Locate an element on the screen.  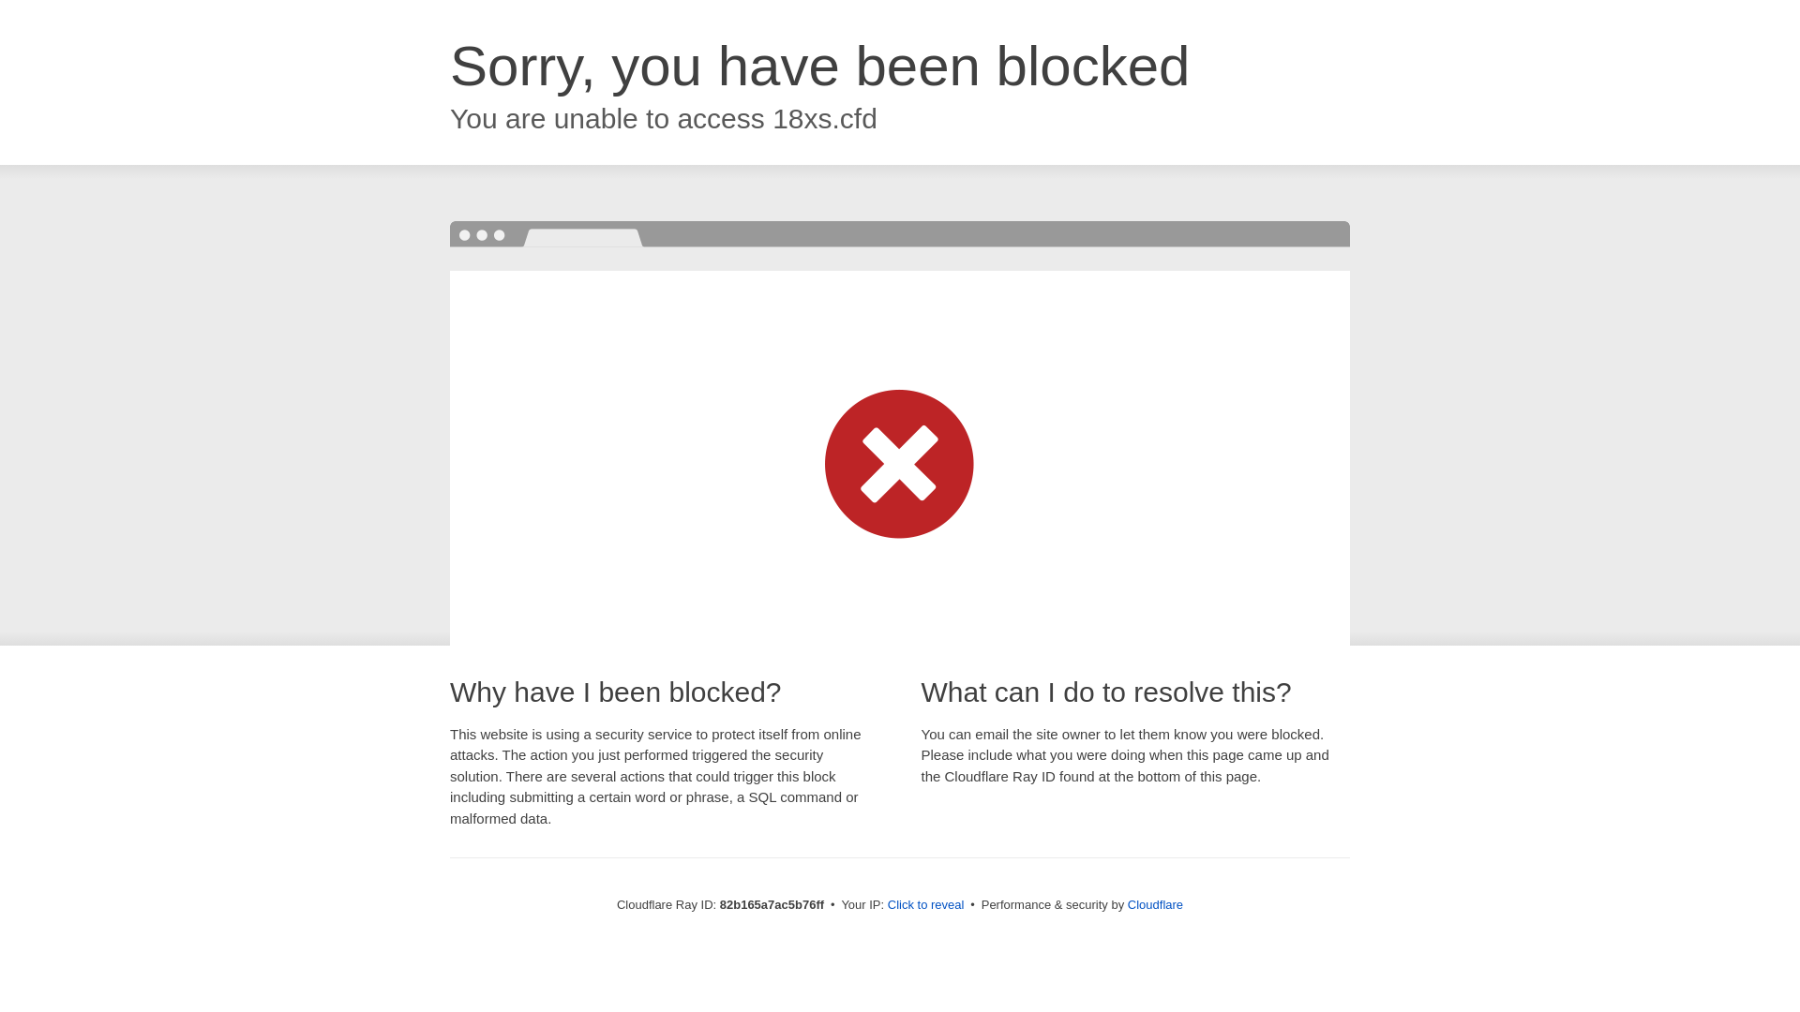
'Cloudflare' is located at coordinates (1127, 903).